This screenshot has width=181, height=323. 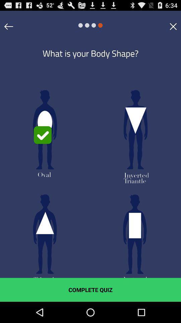 What do you see at coordinates (90, 289) in the screenshot?
I see `complete quiz at the bottom` at bounding box center [90, 289].